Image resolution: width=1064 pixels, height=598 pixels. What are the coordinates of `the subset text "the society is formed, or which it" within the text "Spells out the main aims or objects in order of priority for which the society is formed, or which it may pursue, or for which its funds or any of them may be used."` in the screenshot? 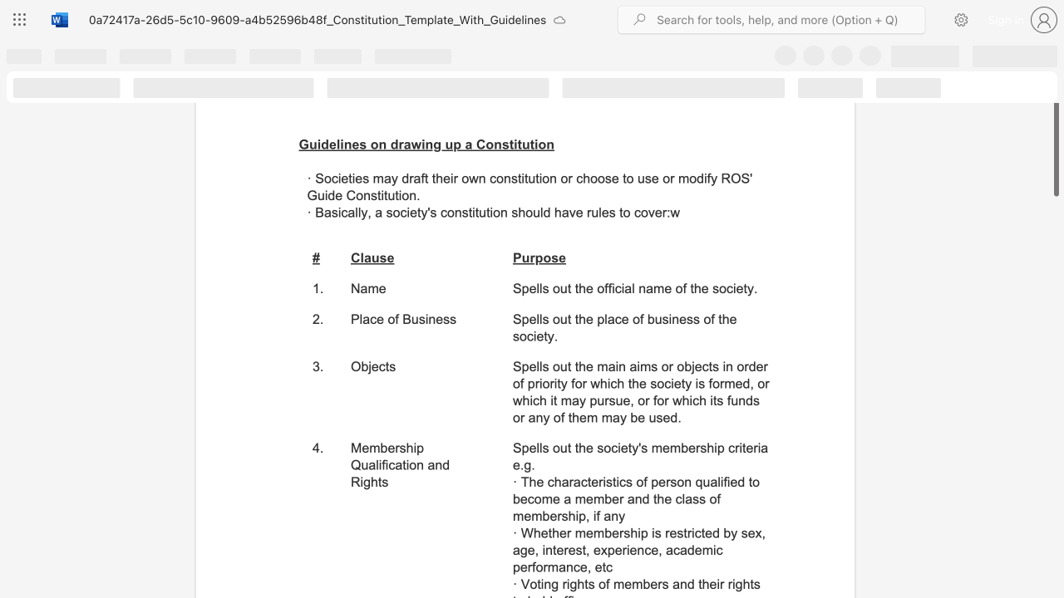 It's located at (627, 384).